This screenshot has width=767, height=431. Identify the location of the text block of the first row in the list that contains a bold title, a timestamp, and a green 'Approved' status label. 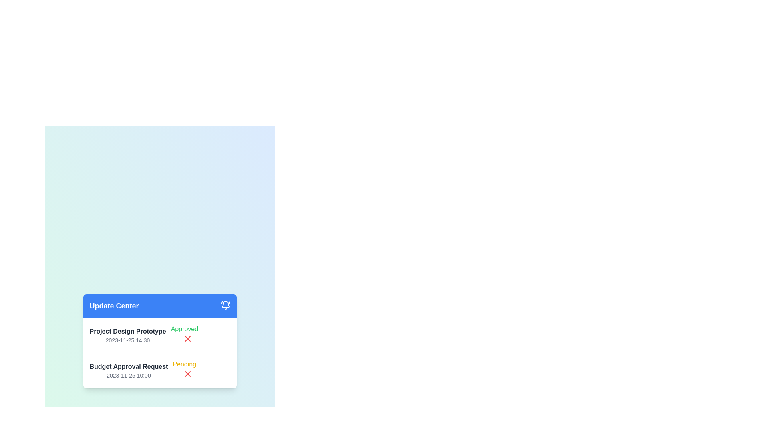
(160, 335).